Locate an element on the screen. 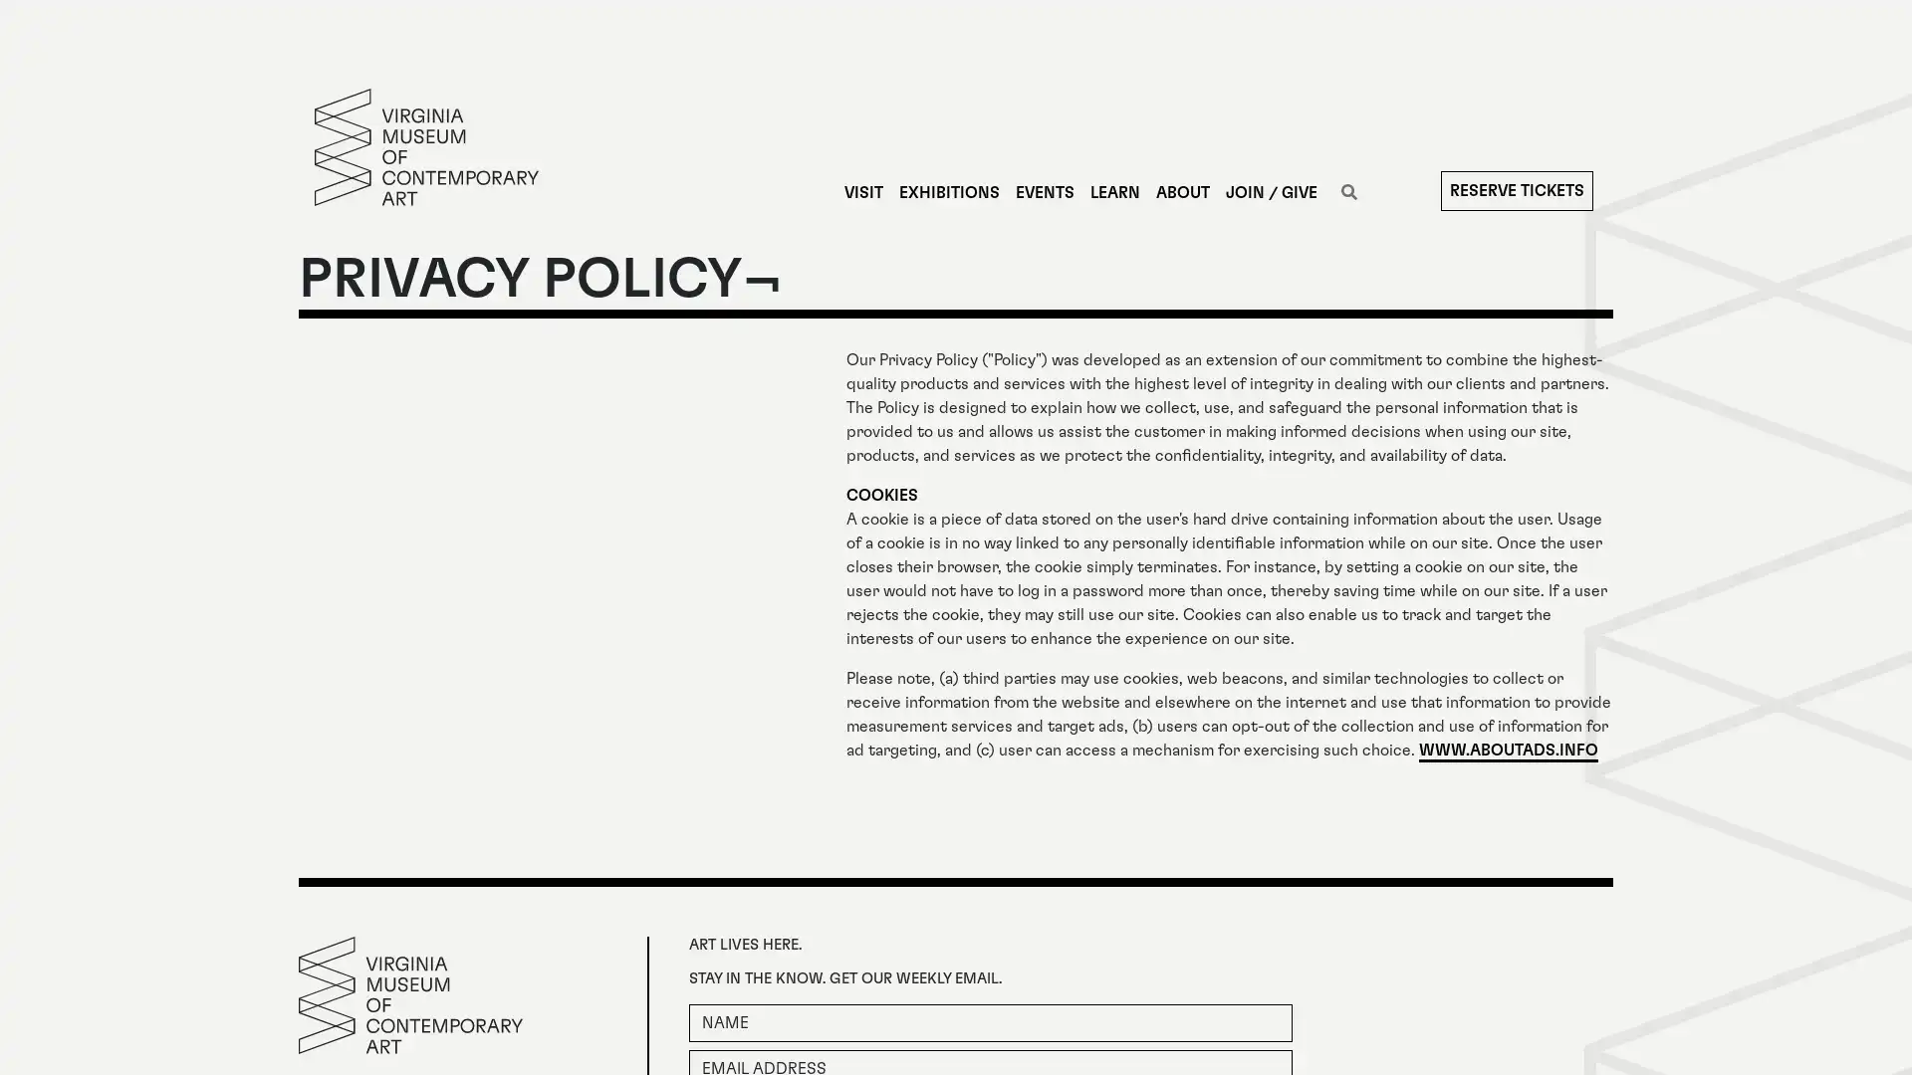  ABOUT is located at coordinates (1181, 192).